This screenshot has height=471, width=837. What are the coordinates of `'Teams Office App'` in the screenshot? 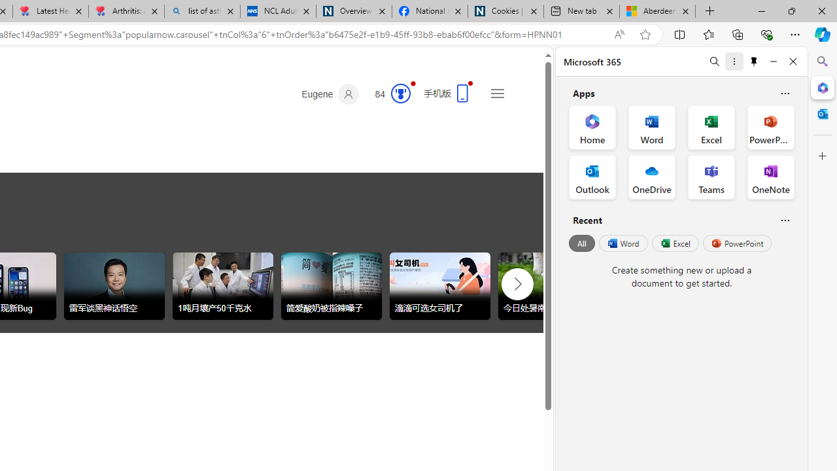 It's located at (711, 177).